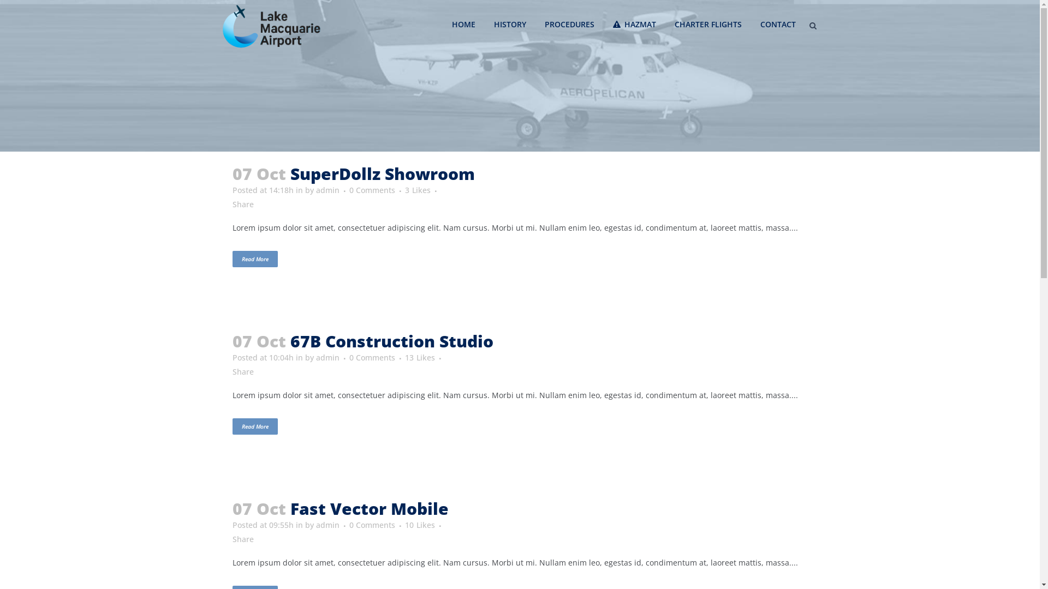 The image size is (1048, 589). I want to click on 'CONTACT', so click(777, 25).